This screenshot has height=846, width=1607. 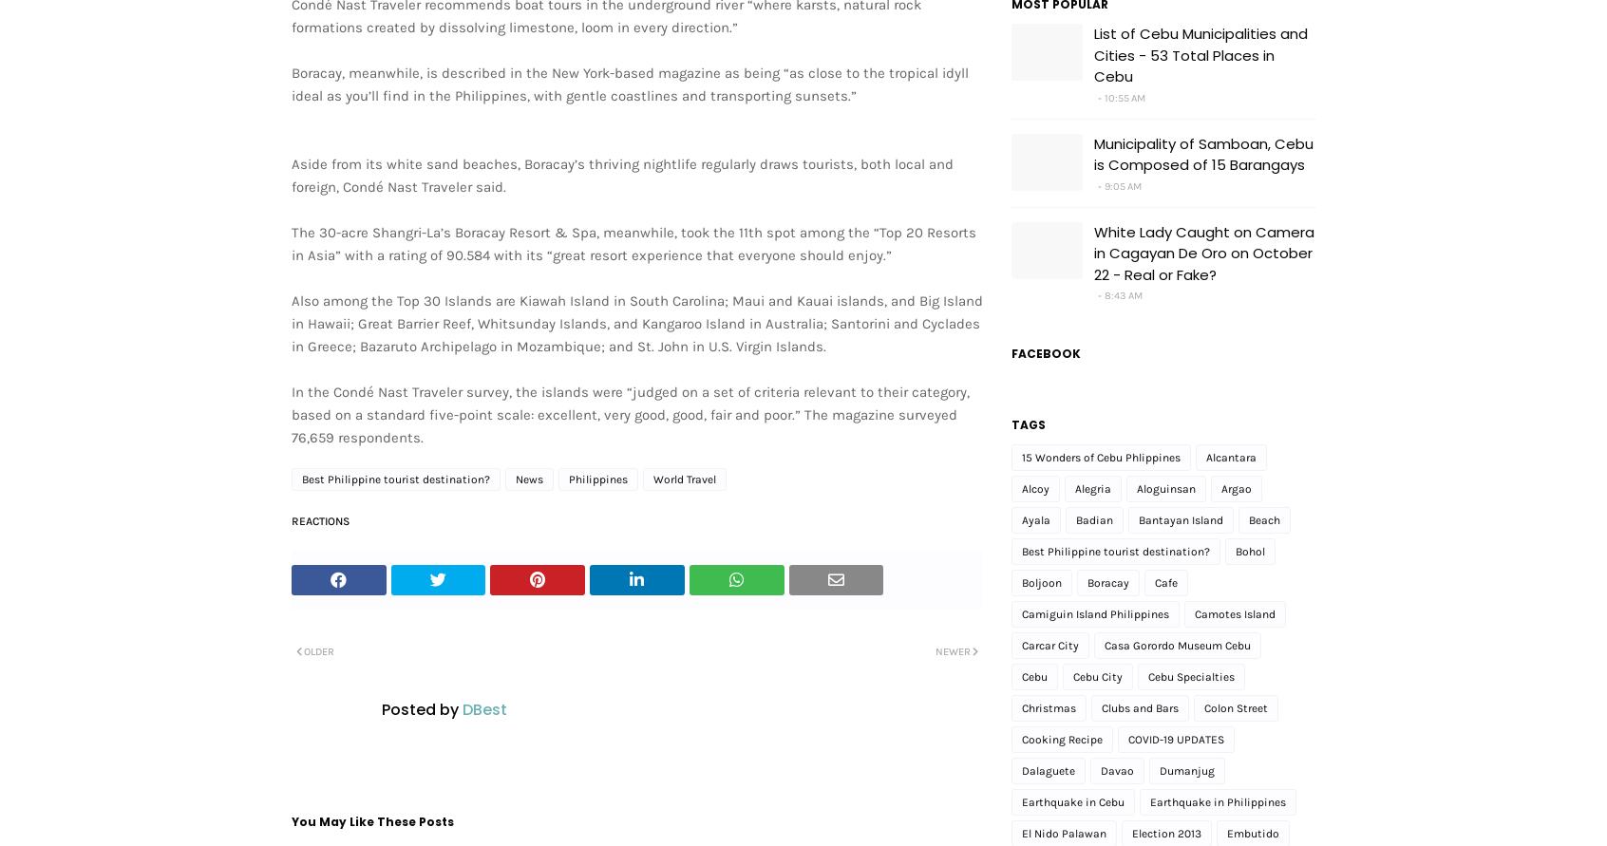 What do you see at coordinates (952, 650) in the screenshot?
I see `'Newer'` at bounding box center [952, 650].